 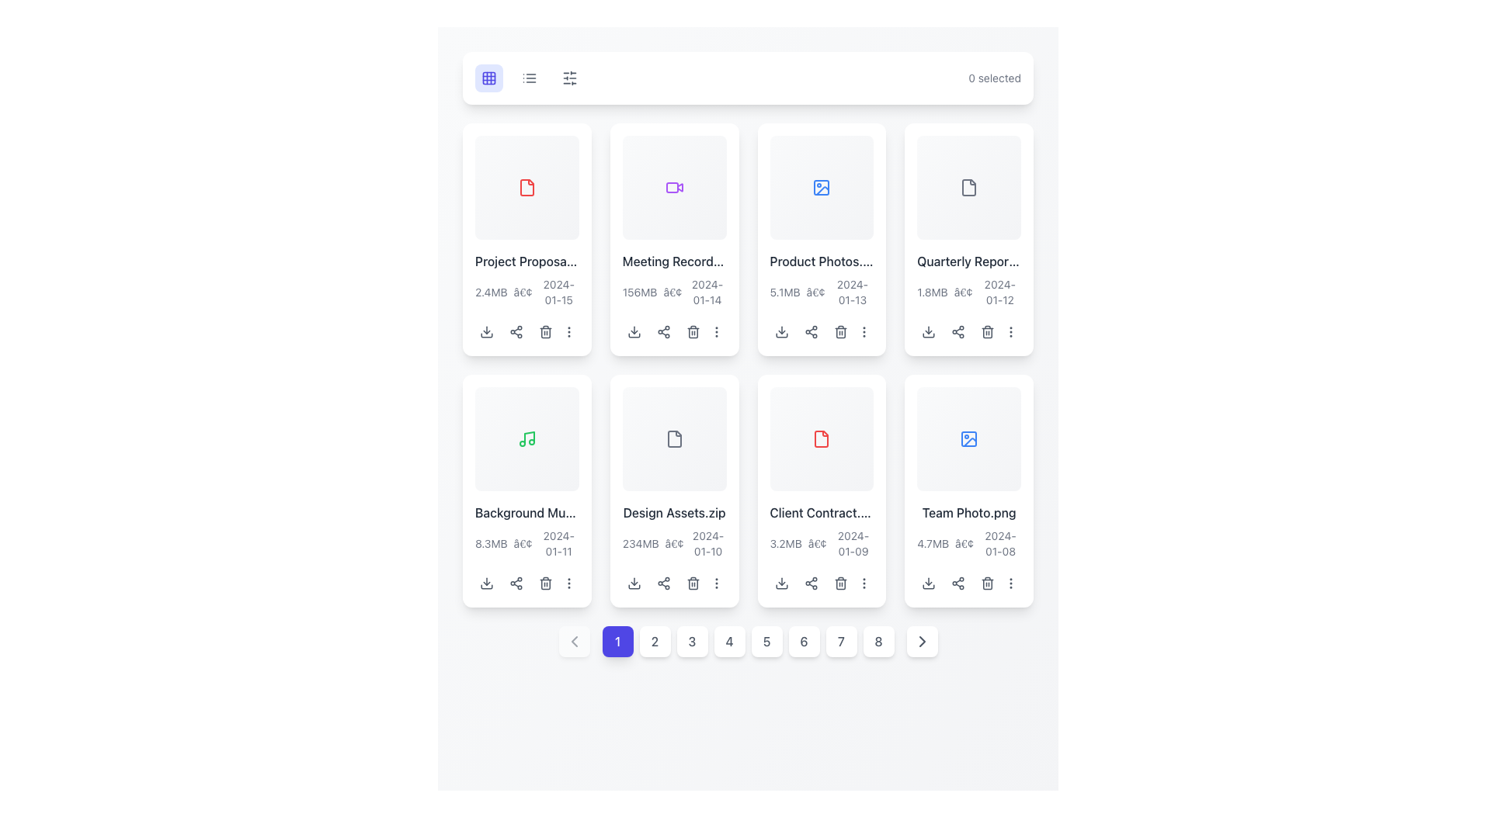 What do you see at coordinates (863, 583) in the screenshot?
I see `the rightmost Vertical Ellipsis Button in the control row of the 'Client Contract.pdf' card` at bounding box center [863, 583].